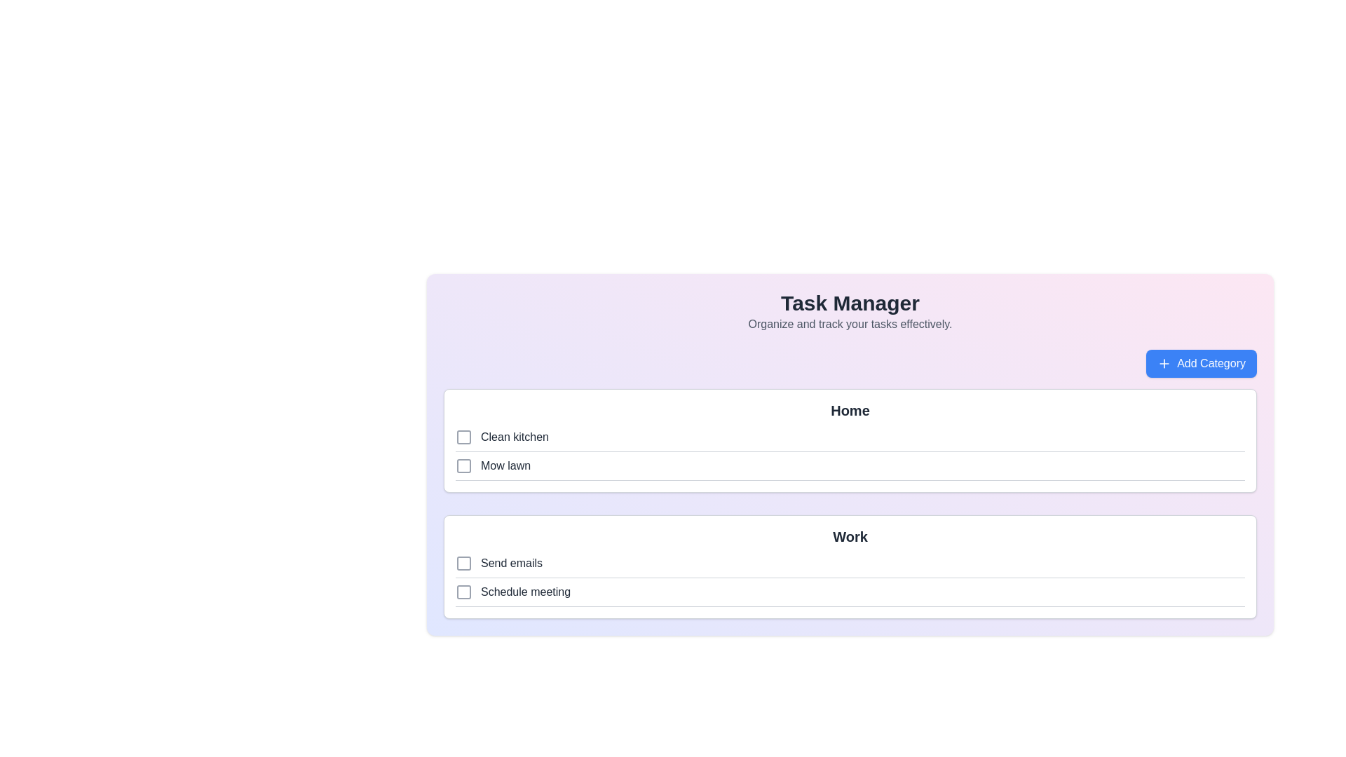  What do you see at coordinates (850, 594) in the screenshot?
I see `task description for the checkbox input labeled 'Schedule meeting', which is the second item in the 'Work' category located below 'Send emails'` at bounding box center [850, 594].